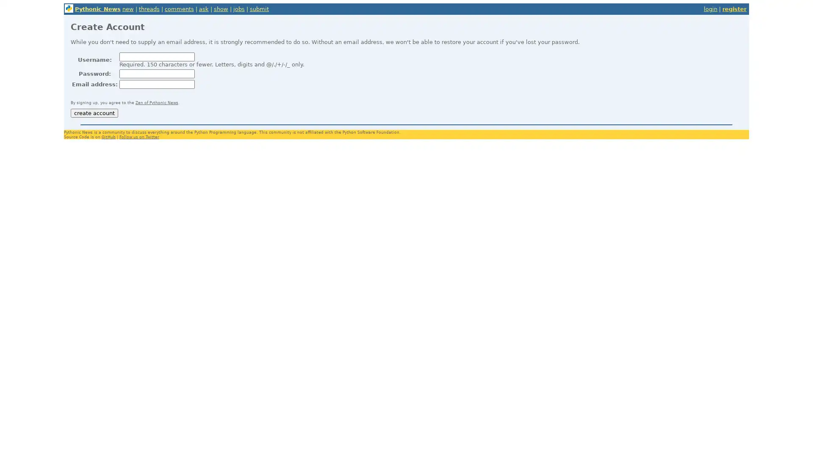 The height and width of the screenshot is (457, 813). What do you see at coordinates (94, 113) in the screenshot?
I see `create account` at bounding box center [94, 113].